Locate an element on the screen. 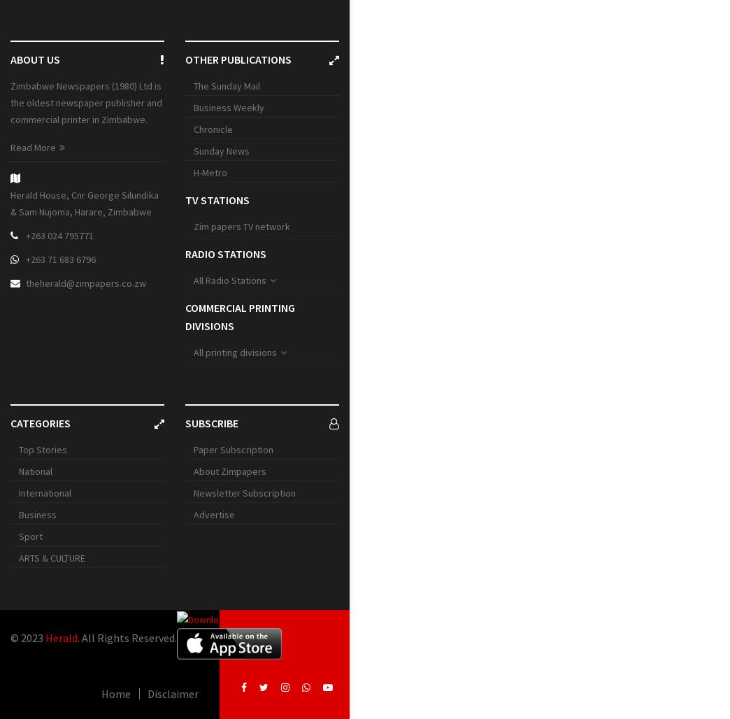 This screenshot has height=719, width=730. 'Commercial printing divisions' is located at coordinates (240, 316).